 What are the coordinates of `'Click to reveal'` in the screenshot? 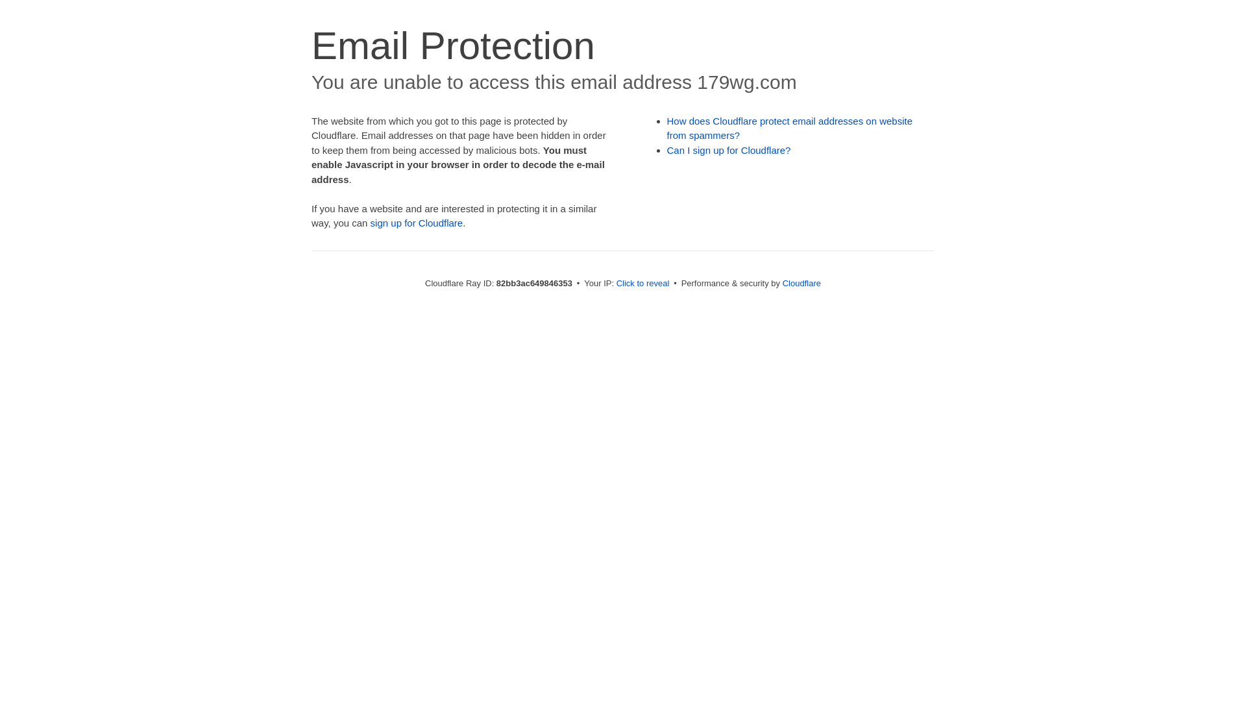 It's located at (642, 282).